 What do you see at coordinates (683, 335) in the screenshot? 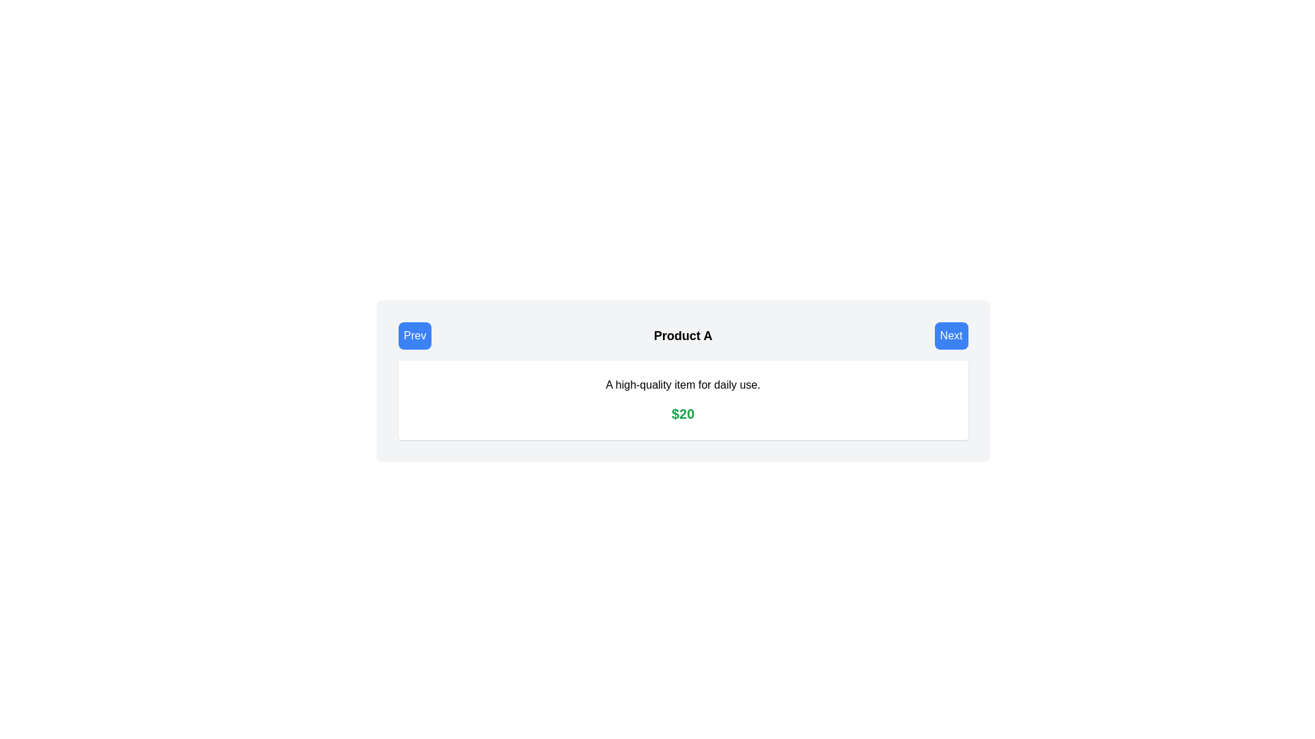
I see `the text element displaying 'Product A', which is the title or identifier of the current item in focus within the navigation system` at bounding box center [683, 335].